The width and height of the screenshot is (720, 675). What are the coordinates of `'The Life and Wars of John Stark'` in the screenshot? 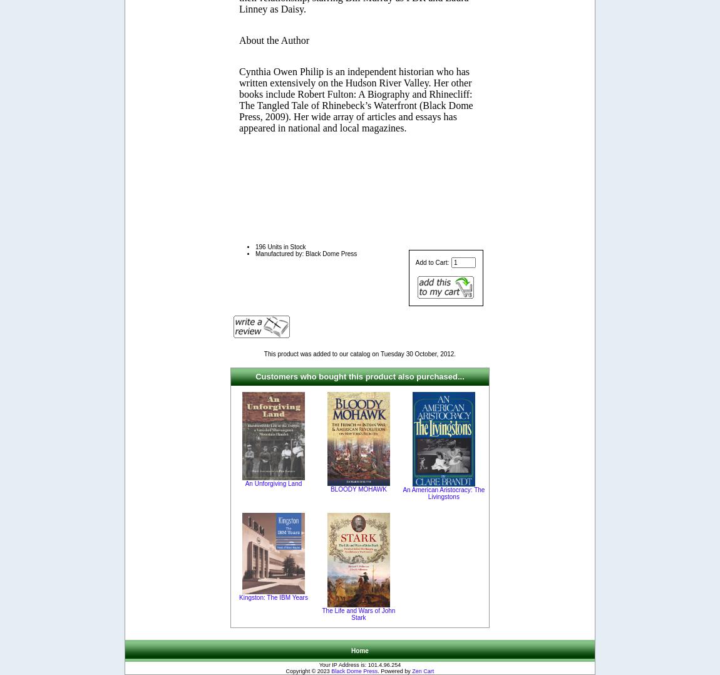 It's located at (358, 614).